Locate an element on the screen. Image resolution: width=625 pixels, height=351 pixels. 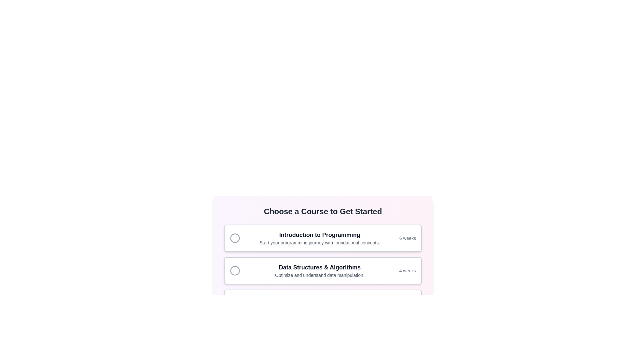
the Text Label displaying 'Start your programming journey with foundational concepts', which is styled in gray color and positioned beneath the header 'Introduction to Programming' is located at coordinates (320, 243).